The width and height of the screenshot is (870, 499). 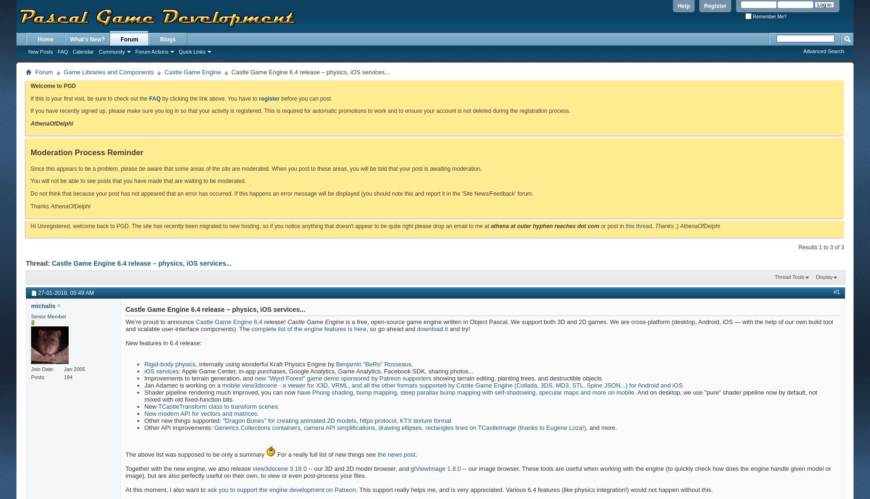 I want to click on 'Blogs', so click(x=167, y=40).